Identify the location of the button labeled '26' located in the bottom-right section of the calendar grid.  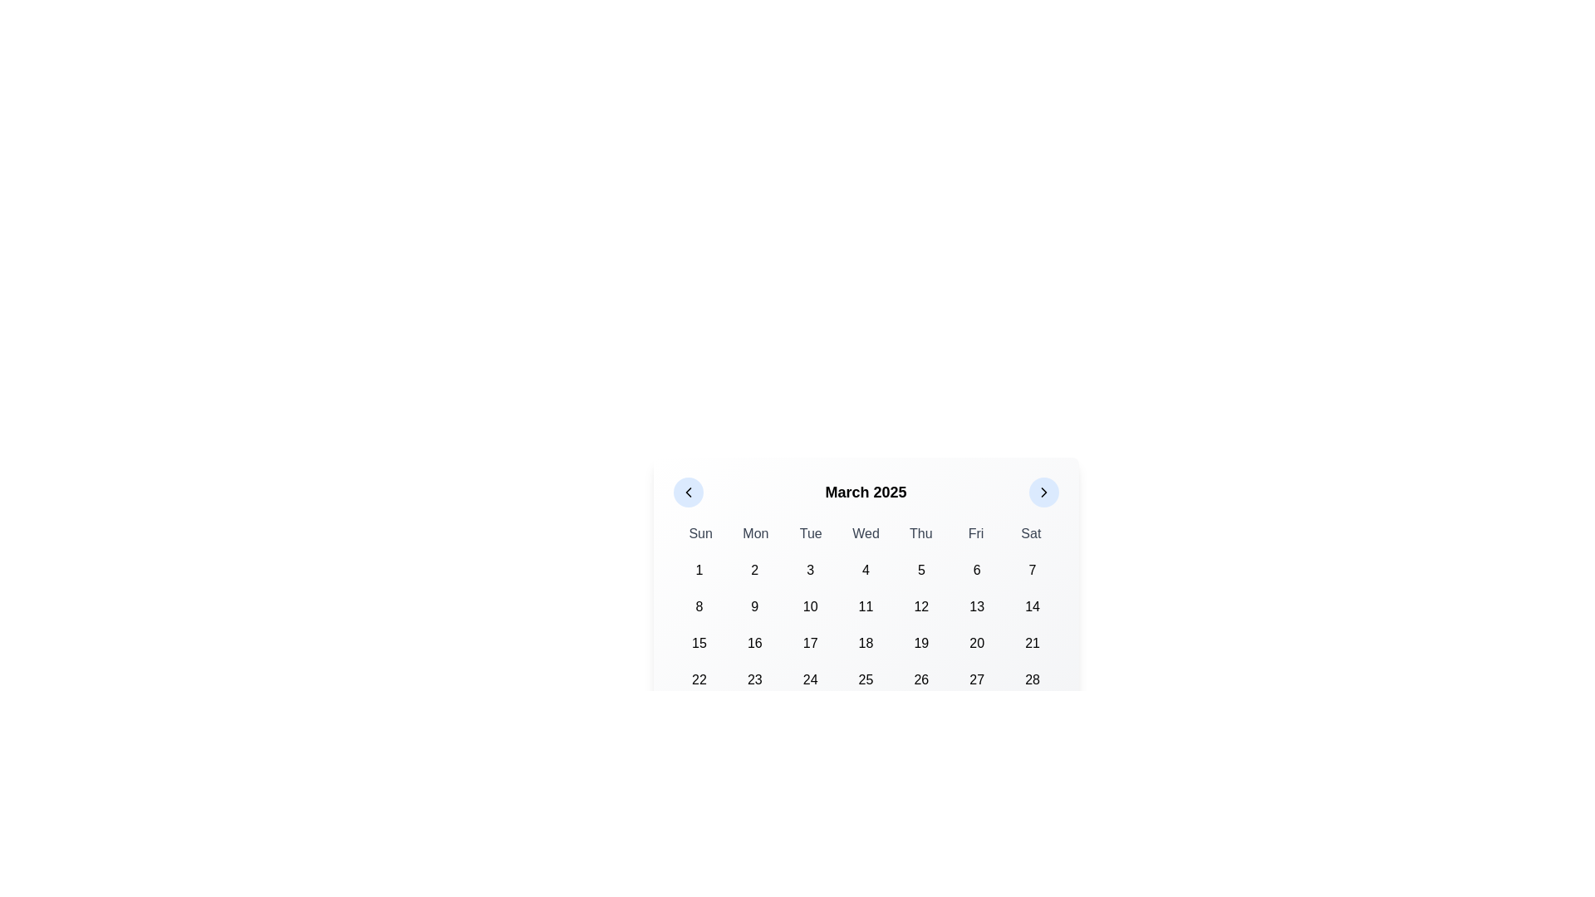
(920, 679).